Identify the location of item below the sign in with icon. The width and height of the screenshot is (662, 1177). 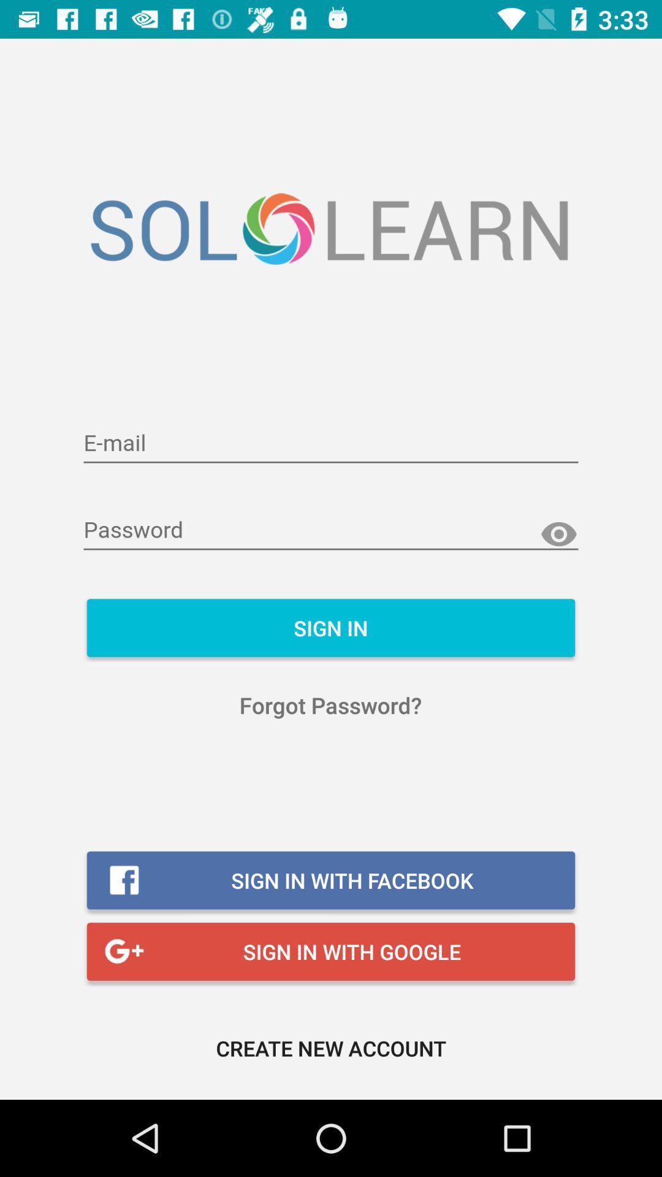
(331, 1047).